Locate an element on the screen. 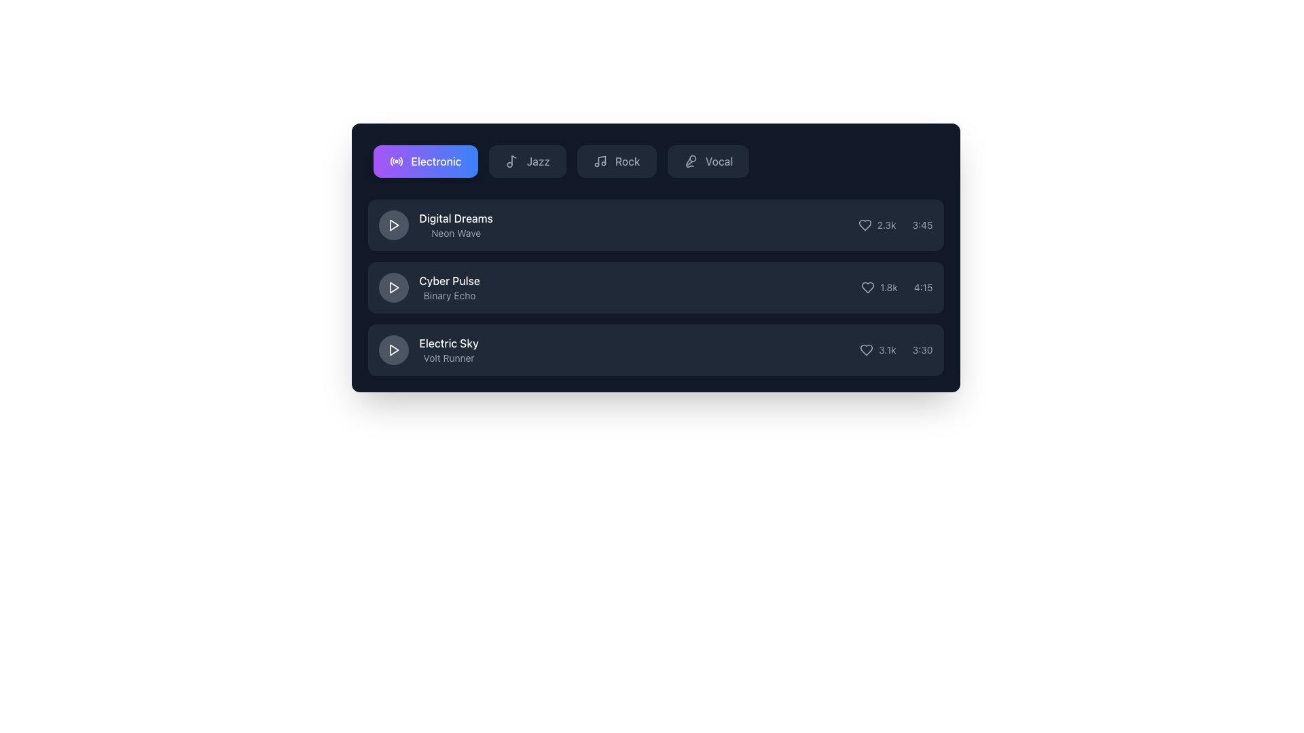 The height and width of the screenshot is (733, 1304). the text label displaying 'Neon Wave', which is styled in a smaller font size and light gray color, located directly beneath the bold title 'Digital Dreams' is located at coordinates (456, 232).